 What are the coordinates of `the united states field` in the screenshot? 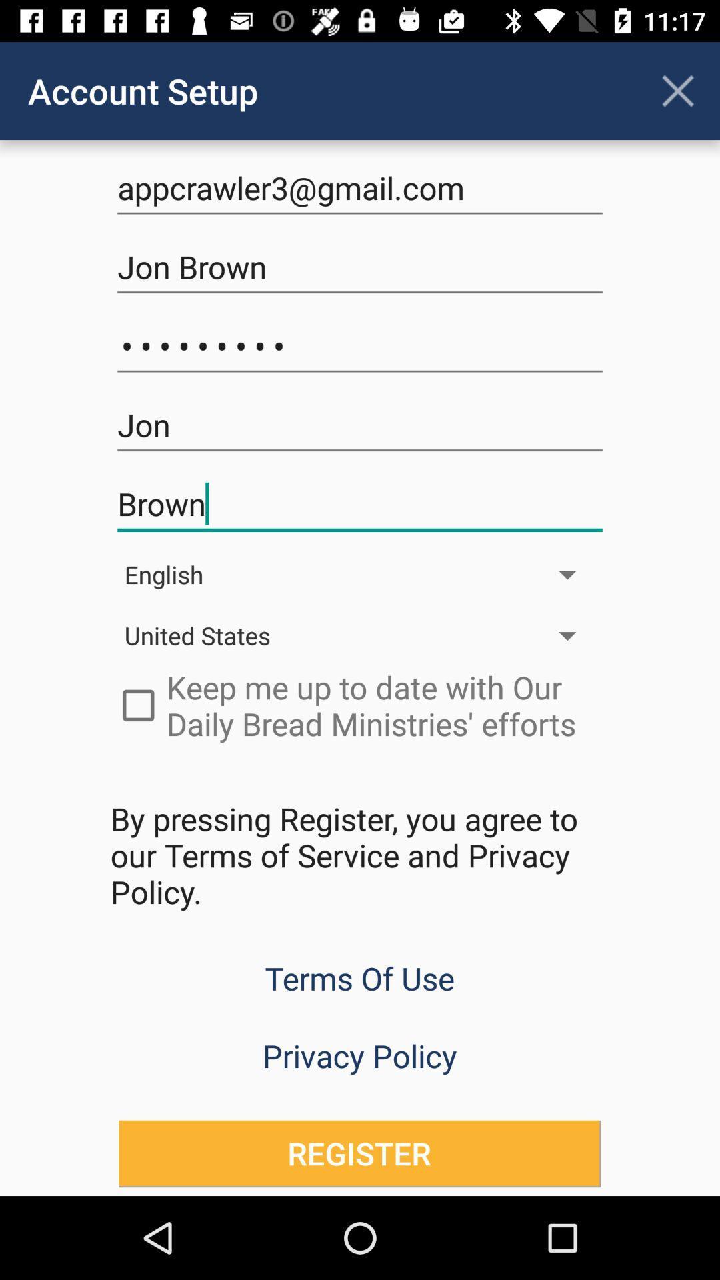 It's located at (360, 635).